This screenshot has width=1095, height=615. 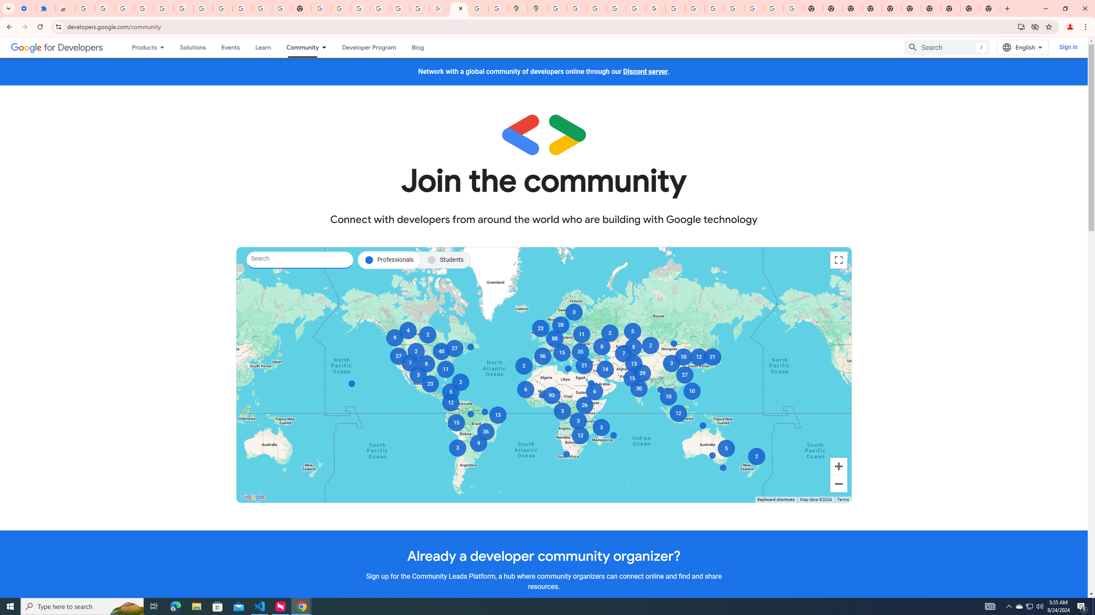 What do you see at coordinates (561, 353) in the screenshot?
I see `'15'` at bounding box center [561, 353].